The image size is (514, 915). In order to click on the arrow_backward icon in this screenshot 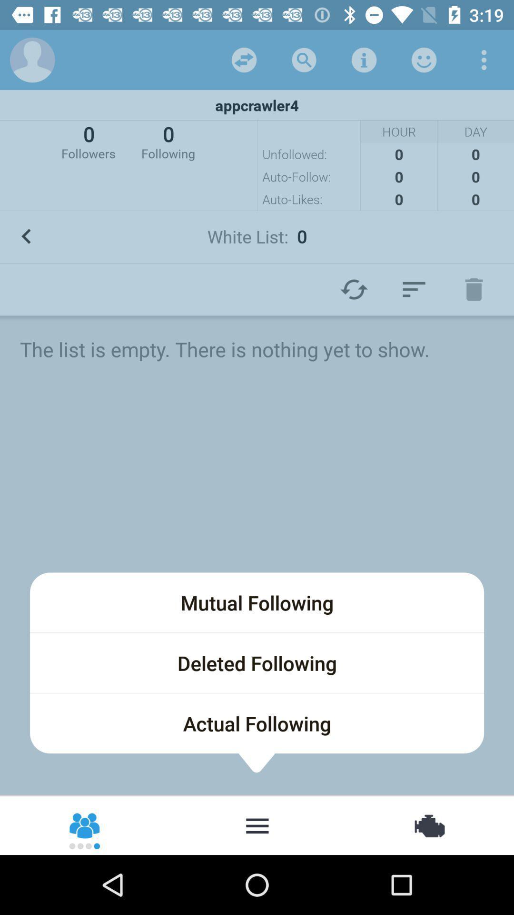, I will do `click(26, 236)`.